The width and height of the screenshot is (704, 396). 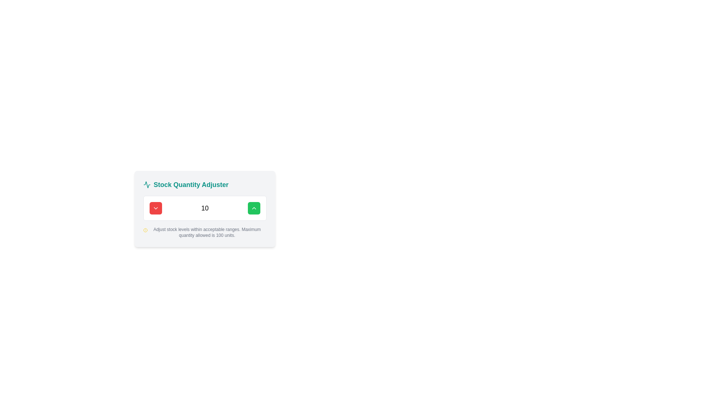 What do you see at coordinates (205, 232) in the screenshot?
I see `the informational text with an icon located at the bottom of the 'Stock Quantity Adjuster' card, which provides guidance on acceptable stock adjustment ranges` at bounding box center [205, 232].